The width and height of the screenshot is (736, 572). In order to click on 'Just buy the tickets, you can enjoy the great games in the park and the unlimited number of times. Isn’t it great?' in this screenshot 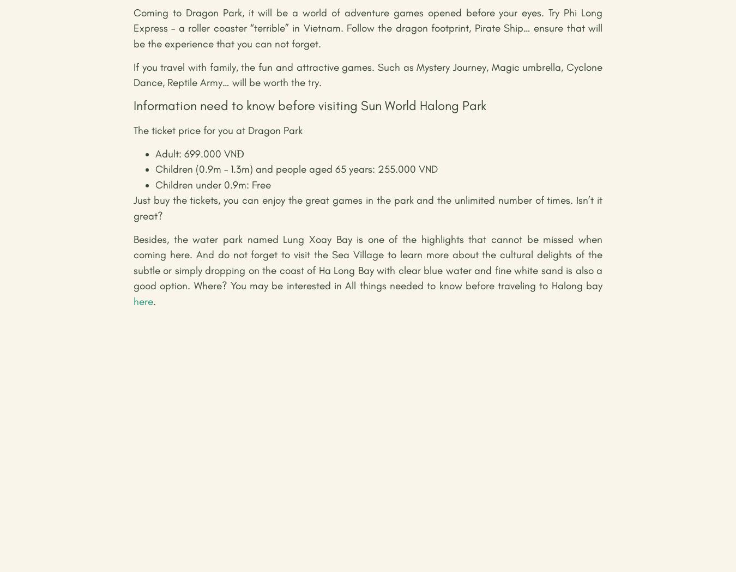, I will do `click(133, 208)`.